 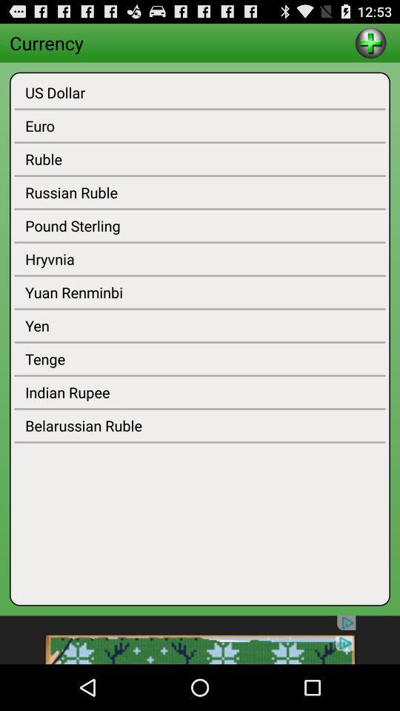 What do you see at coordinates (370, 45) in the screenshot?
I see `the add icon` at bounding box center [370, 45].